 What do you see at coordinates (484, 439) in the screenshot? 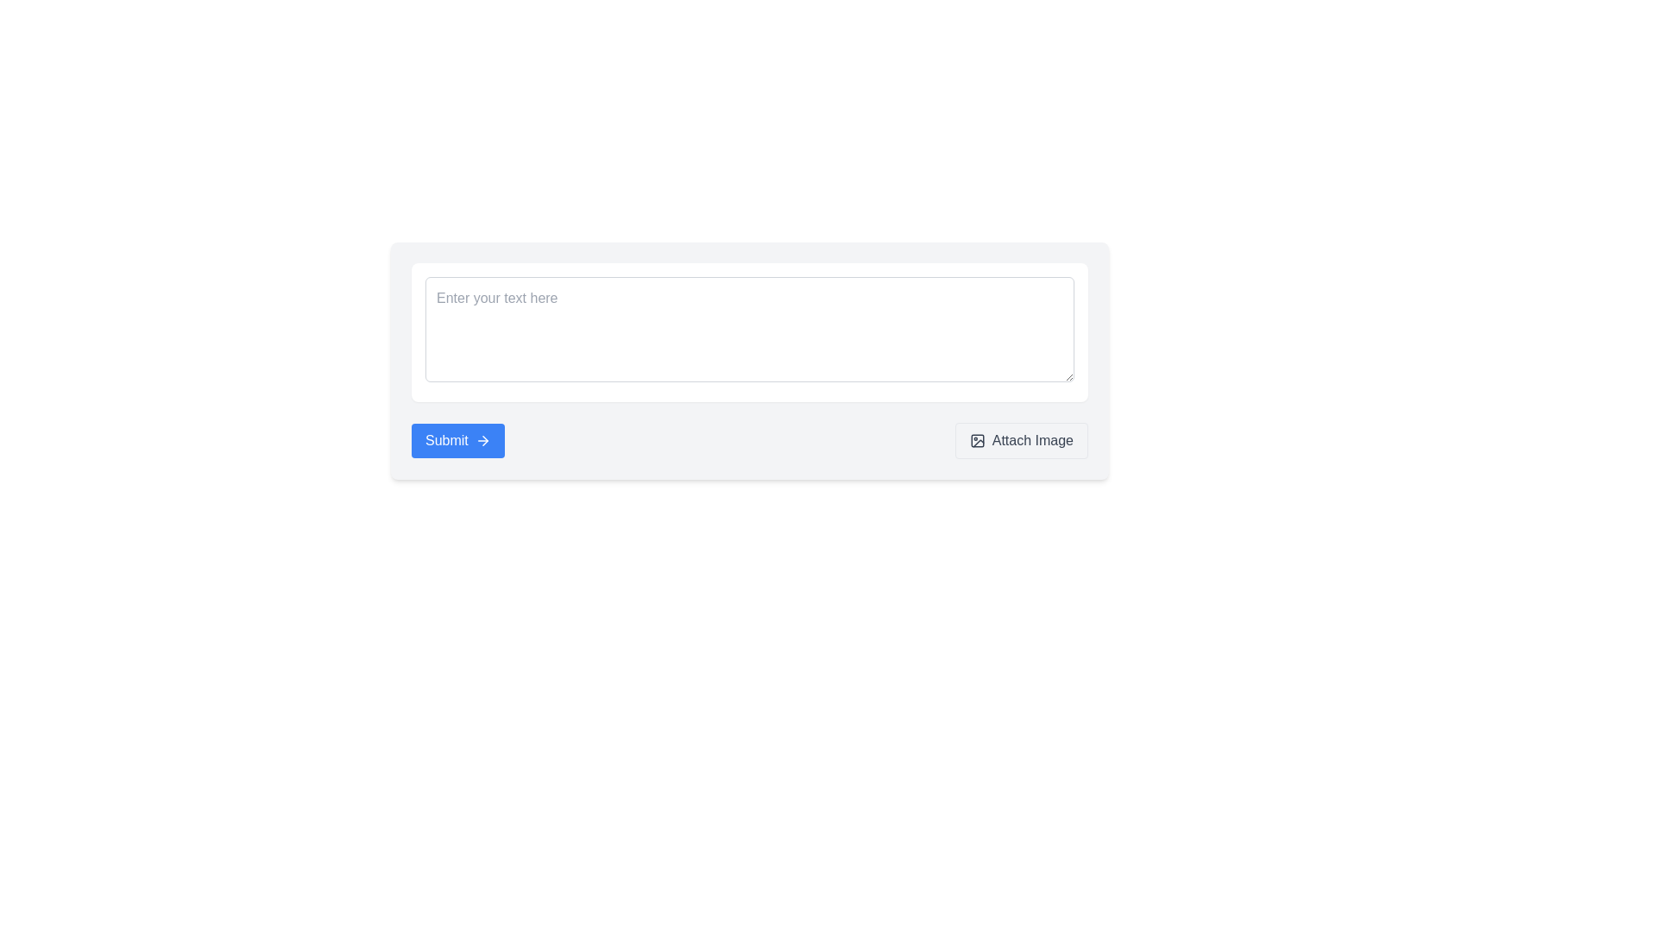
I see `the triangular right arrow icon that is part of the 'Submit' button, located at the bottom area of the interface` at bounding box center [484, 439].